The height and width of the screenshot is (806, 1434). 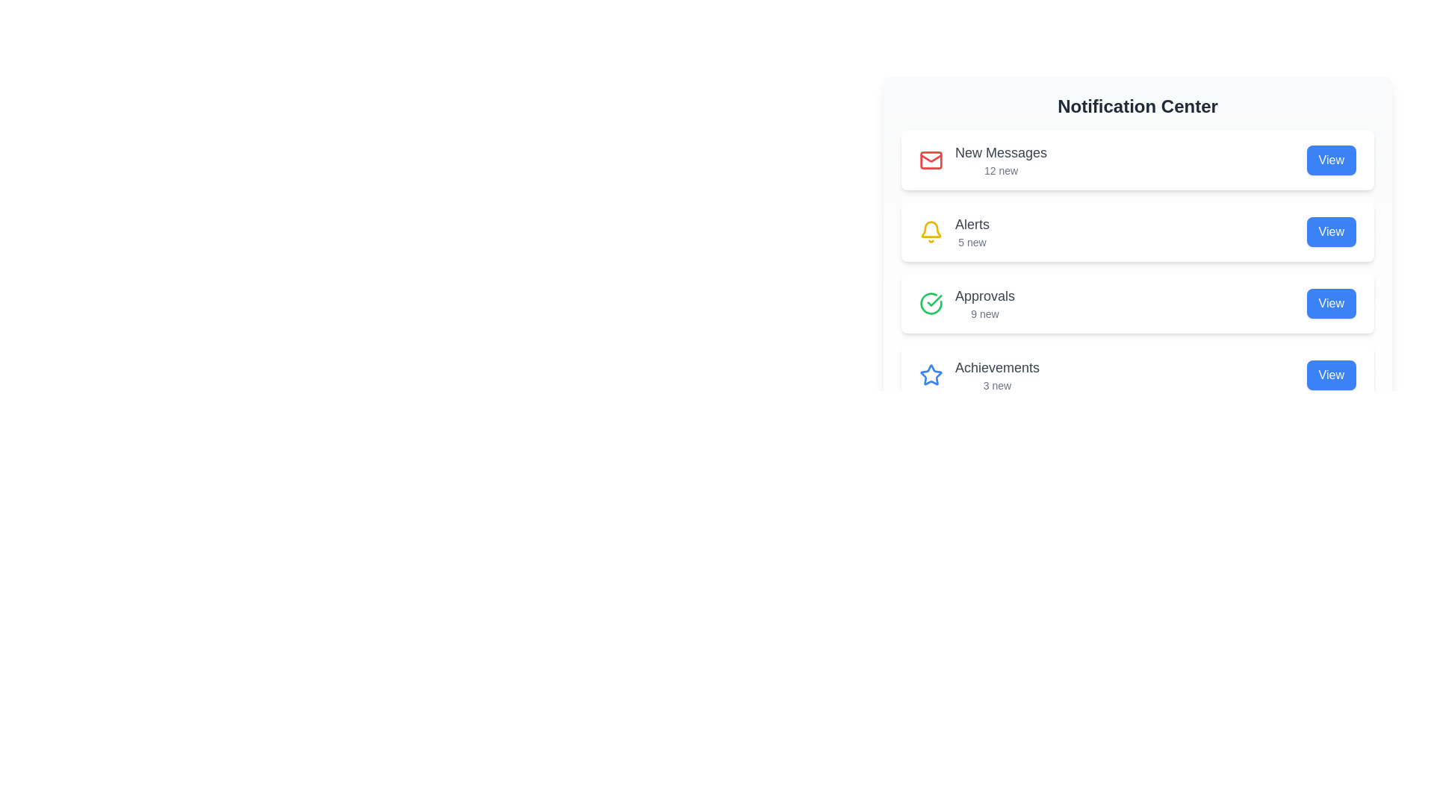 What do you see at coordinates (931, 158) in the screenshot?
I see `the red line segment forming the upper section of the mail envelope icon located in the topmost notification section titled 'New Messages 12 new'` at bounding box center [931, 158].